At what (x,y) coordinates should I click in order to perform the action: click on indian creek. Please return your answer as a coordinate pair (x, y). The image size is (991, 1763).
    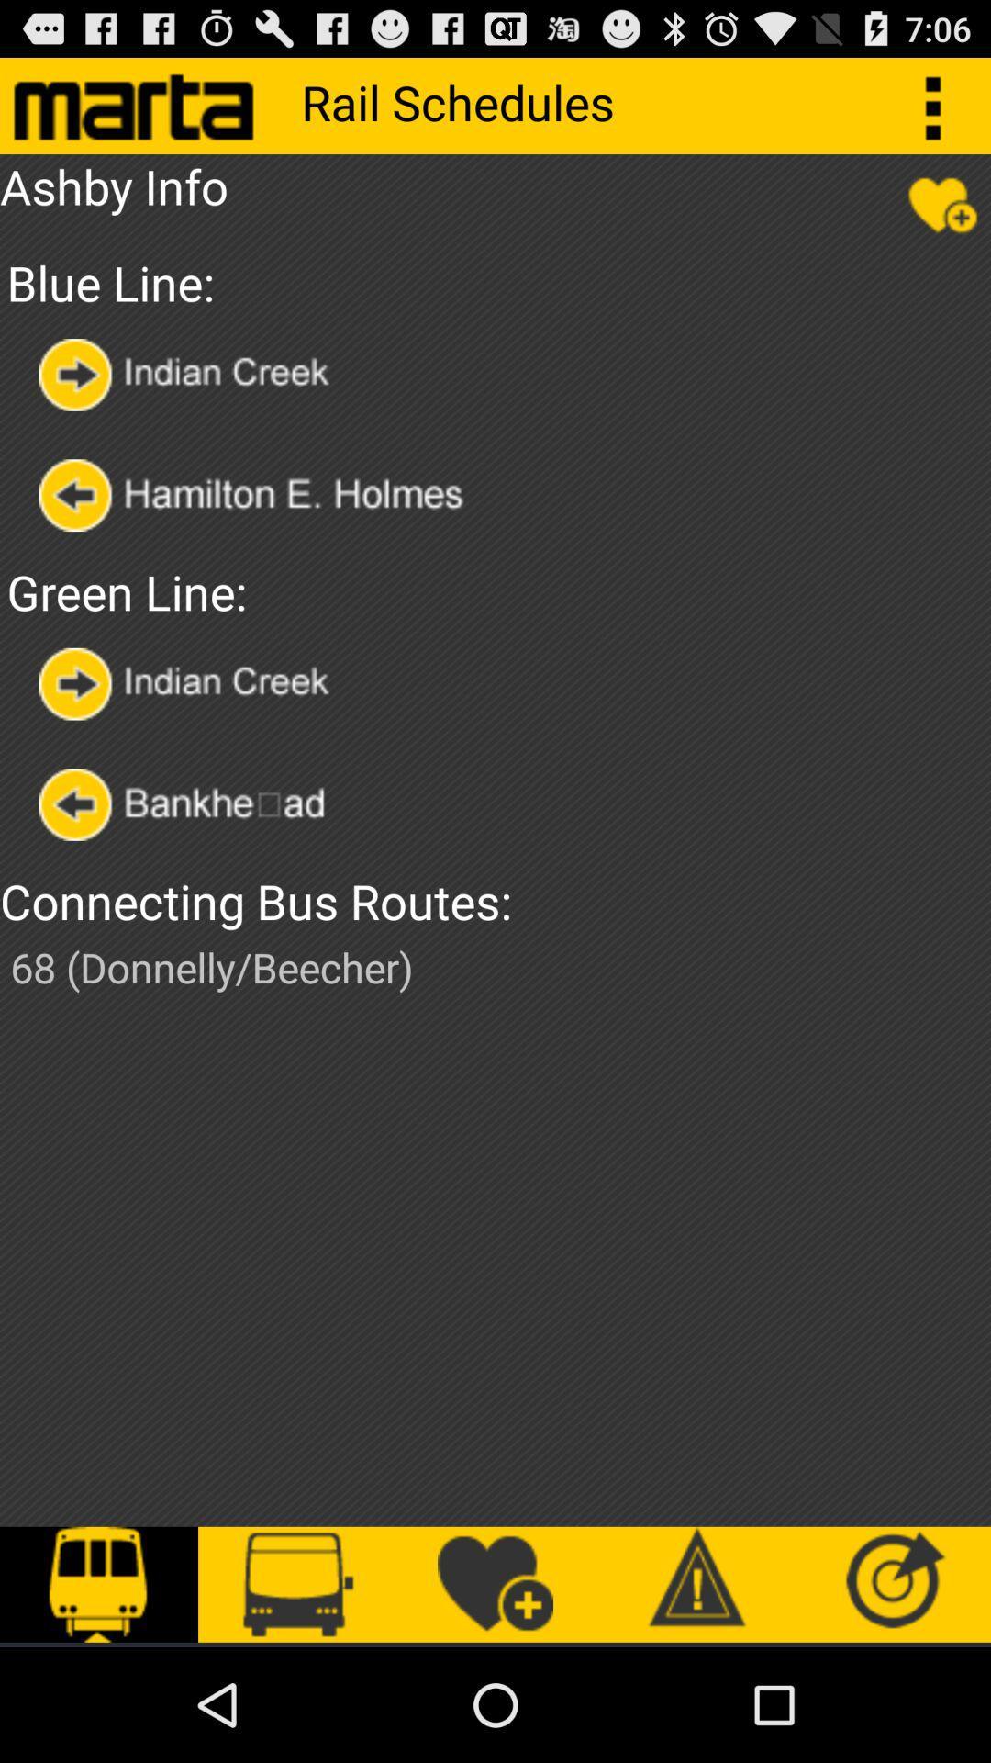
    Looking at the image, I should click on (190, 683).